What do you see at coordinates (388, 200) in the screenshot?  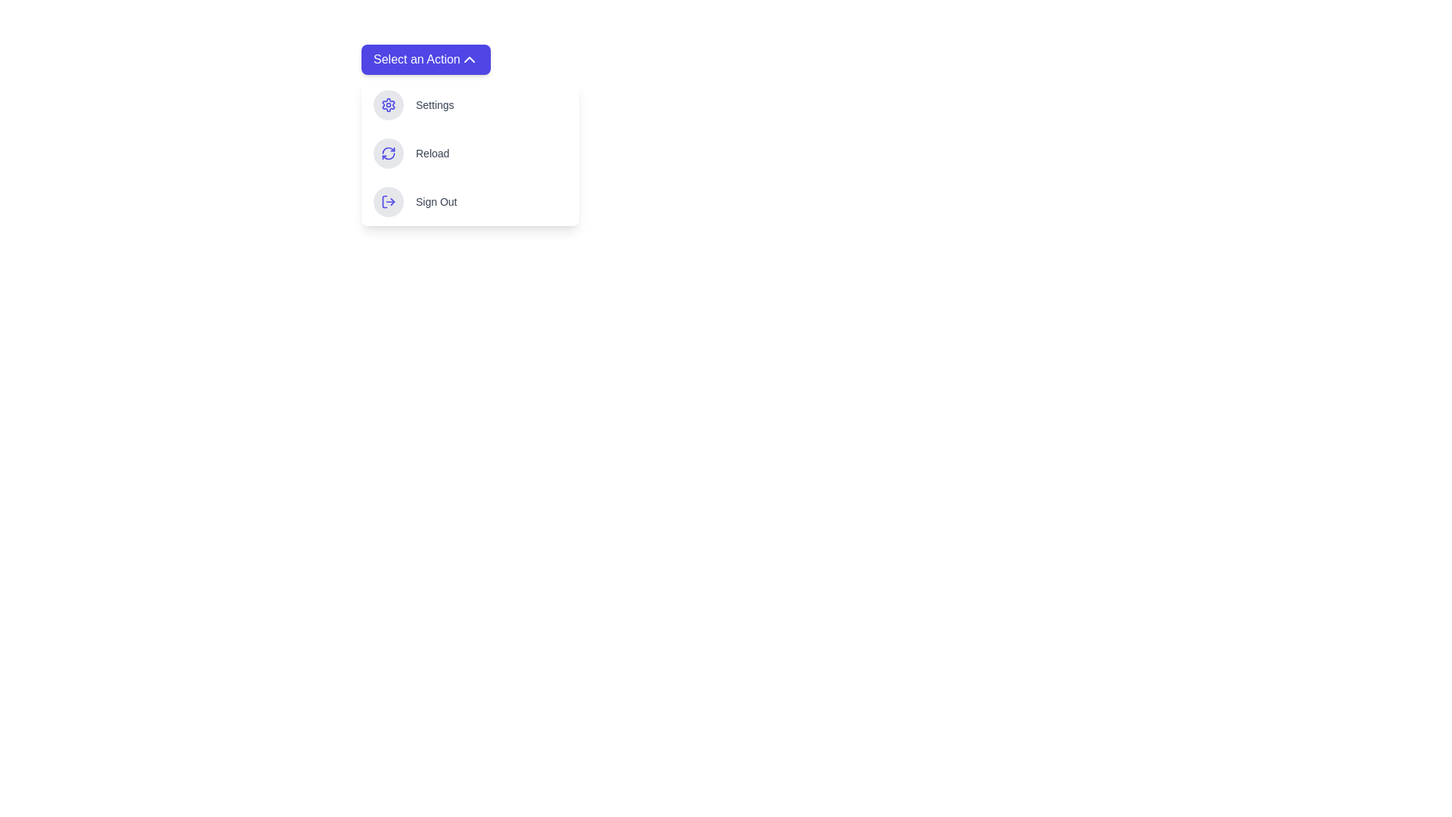 I see `the logout icon associated with the 'Sign Out' action in the dropdown menu under 'Select an Action'` at bounding box center [388, 200].